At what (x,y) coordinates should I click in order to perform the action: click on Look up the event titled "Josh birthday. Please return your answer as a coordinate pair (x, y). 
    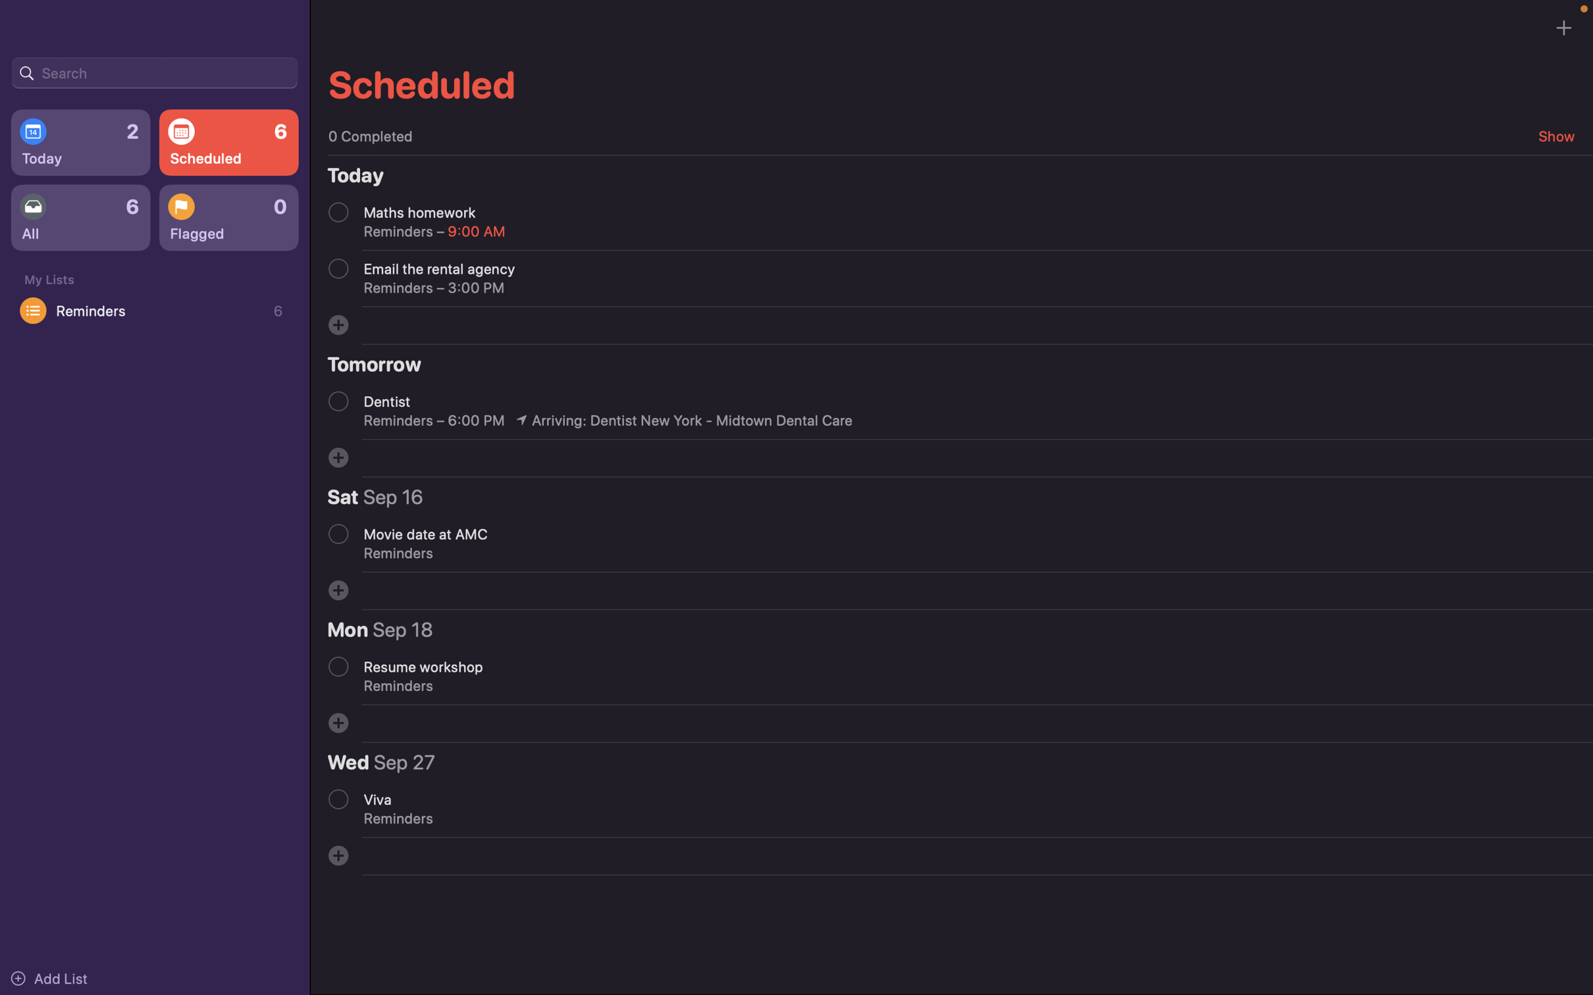
    Looking at the image, I should click on (154, 71).